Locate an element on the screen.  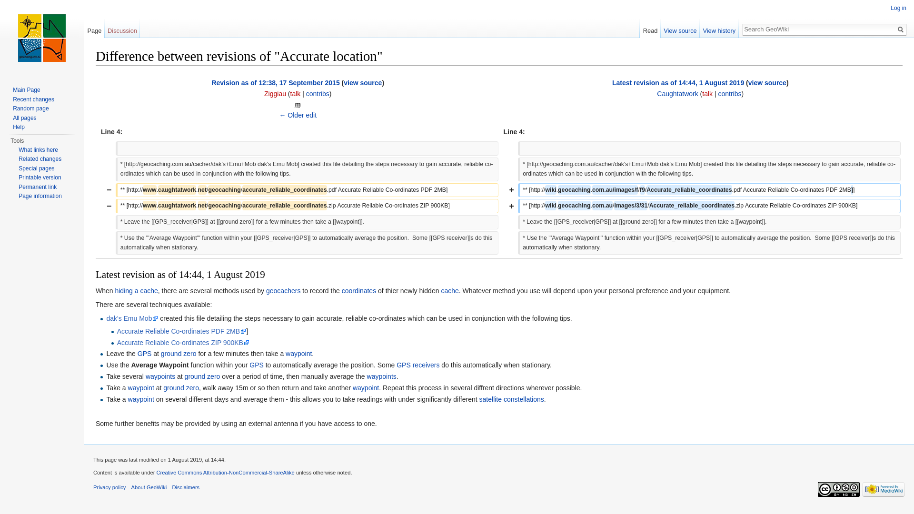
'Caughtatwork' is located at coordinates (676, 93).